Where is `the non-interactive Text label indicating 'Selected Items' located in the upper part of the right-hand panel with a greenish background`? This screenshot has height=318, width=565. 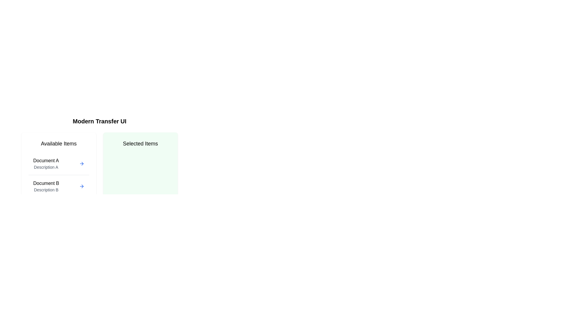 the non-interactive Text label indicating 'Selected Items' located in the upper part of the right-hand panel with a greenish background is located at coordinates (140, 144).